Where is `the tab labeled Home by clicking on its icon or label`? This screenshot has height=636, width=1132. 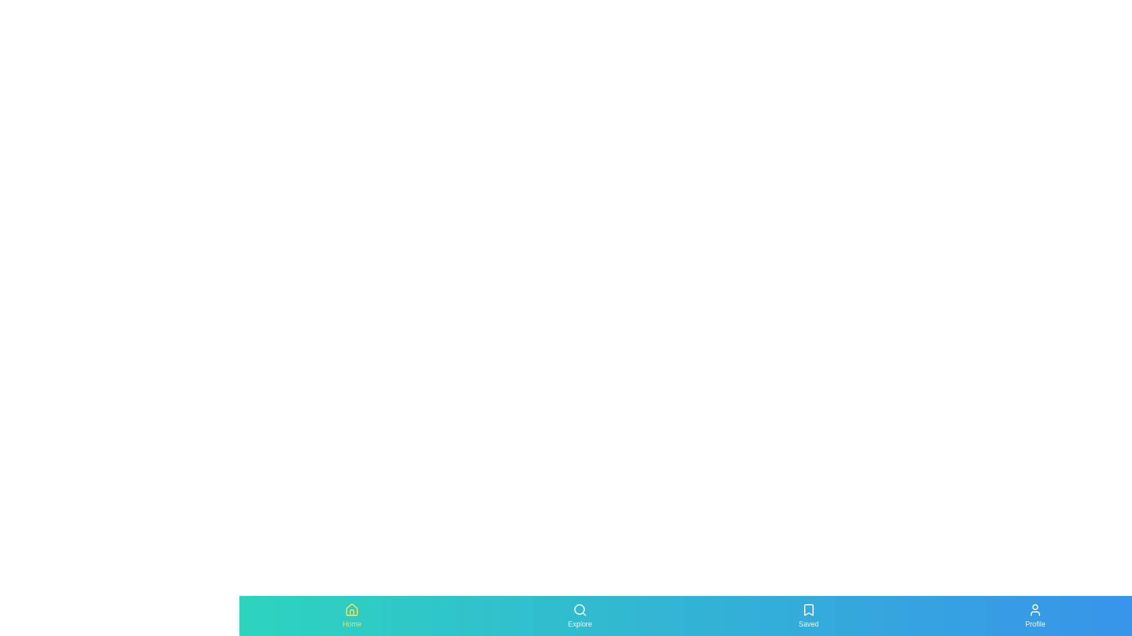
the tab labeled Home by clicking on its icon or label is located at coordinates (351, 615).